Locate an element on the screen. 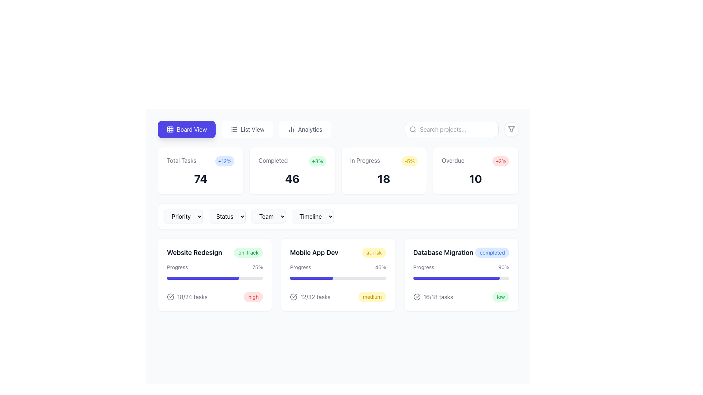  the Text Display element which shows the numerical statistic '46' under the 'Completed' label in the second card of the dashboard interface is located at coordinates (292, 179).